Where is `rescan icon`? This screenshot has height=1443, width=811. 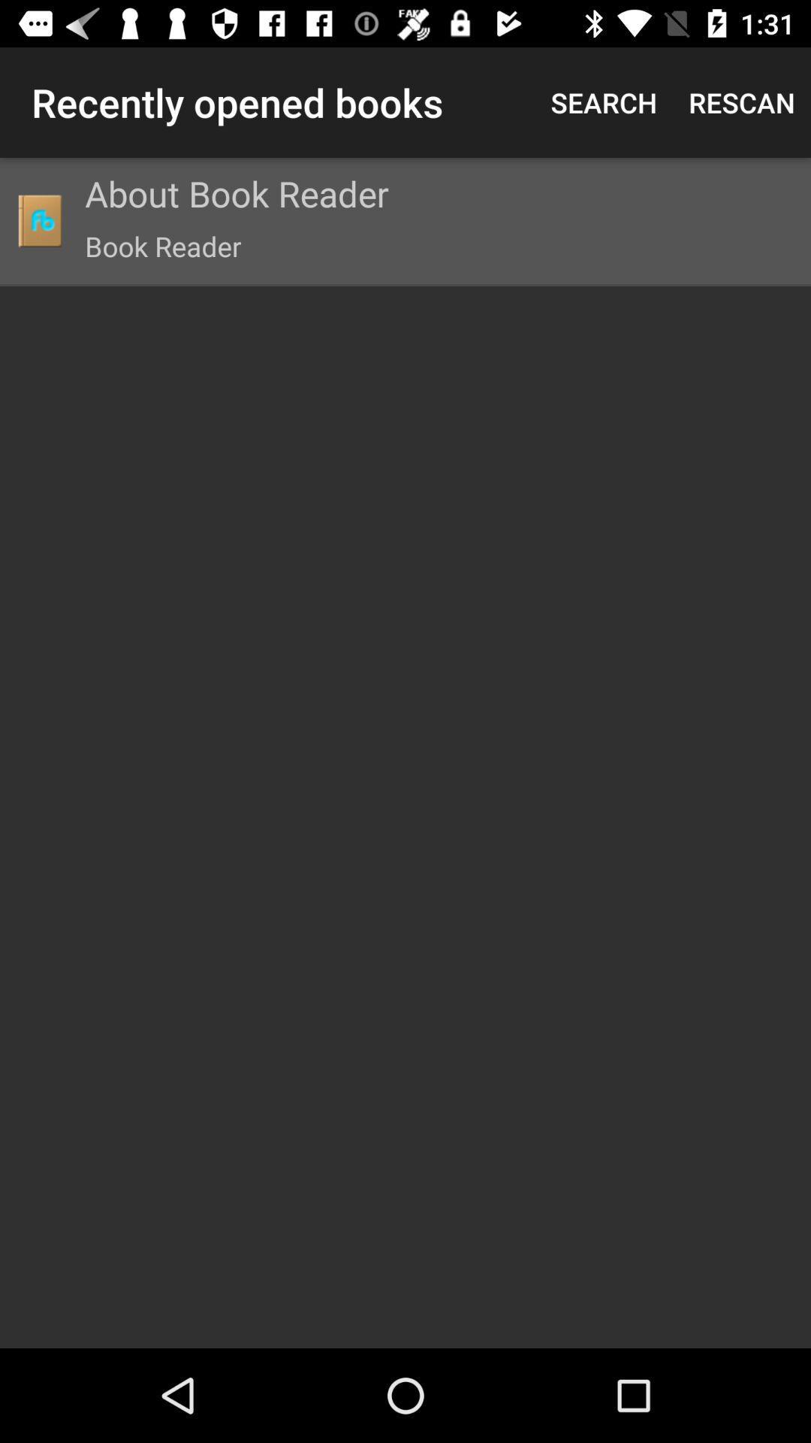 rescan icon is located at coordinates (741, 101).